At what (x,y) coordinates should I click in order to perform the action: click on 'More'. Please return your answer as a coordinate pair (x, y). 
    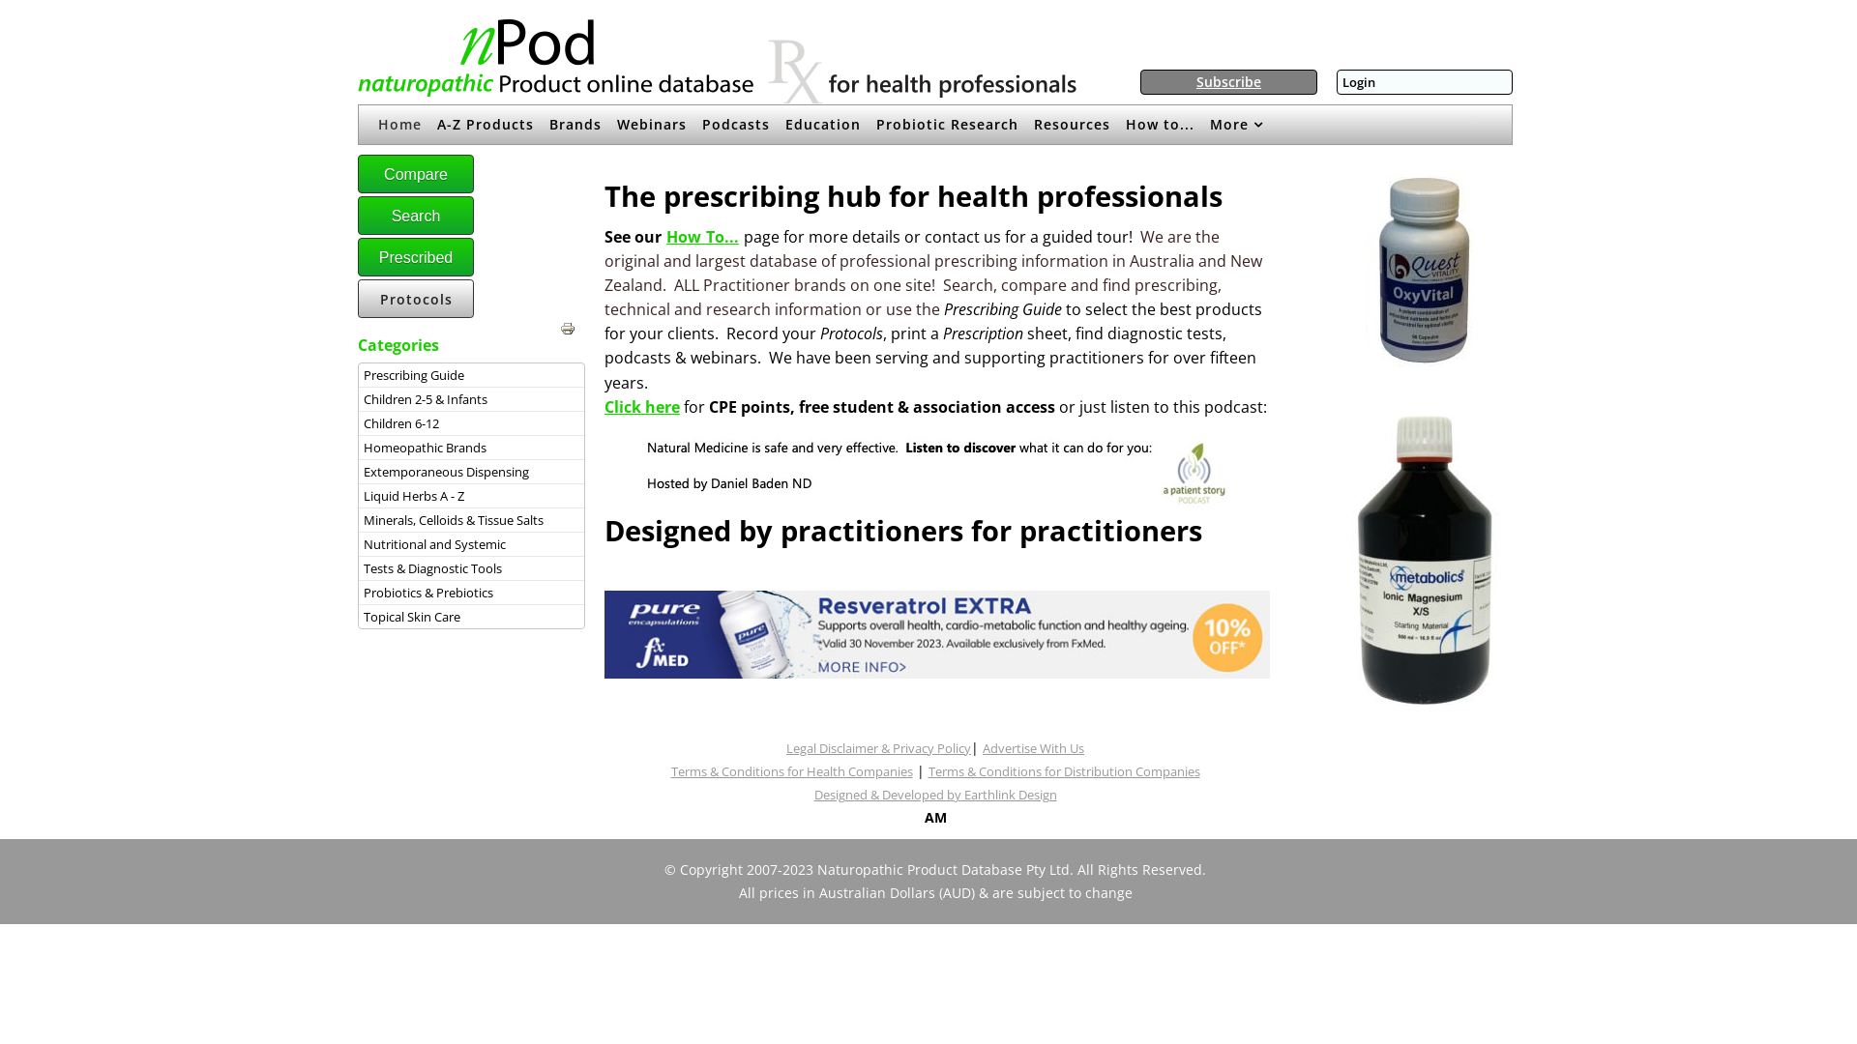
    Looking at the image, I should click on (1235, 124).